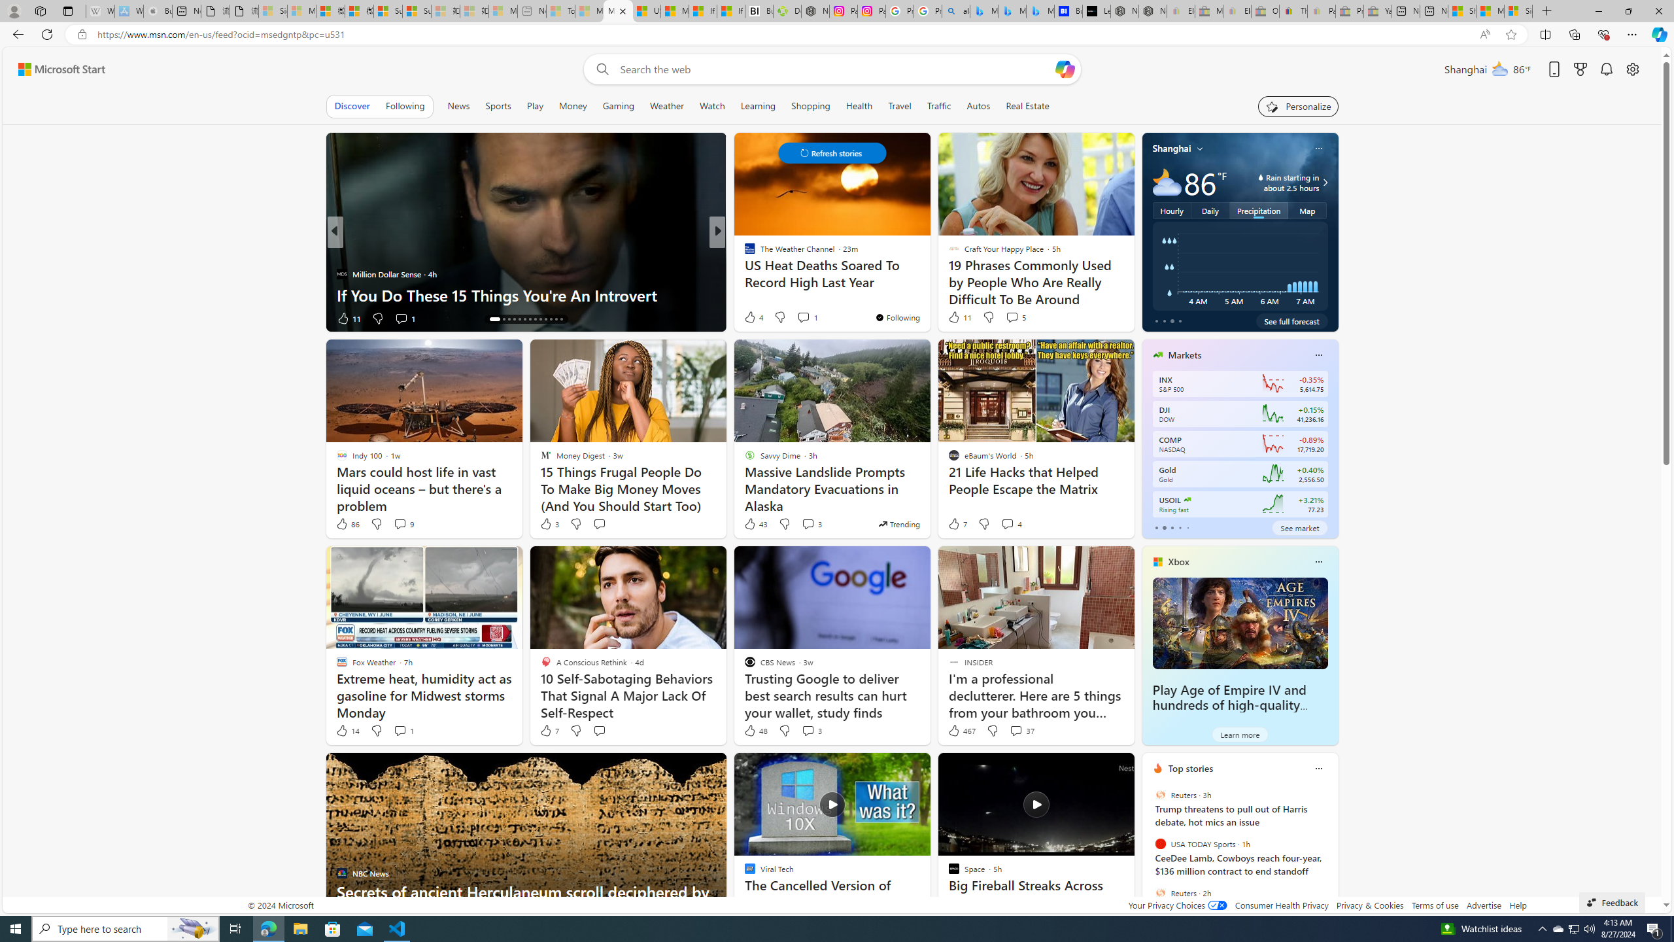 Image resolution: width=1674 pixels, height=942 pixels. I want to click on 'Futurism', so click(743, 253).